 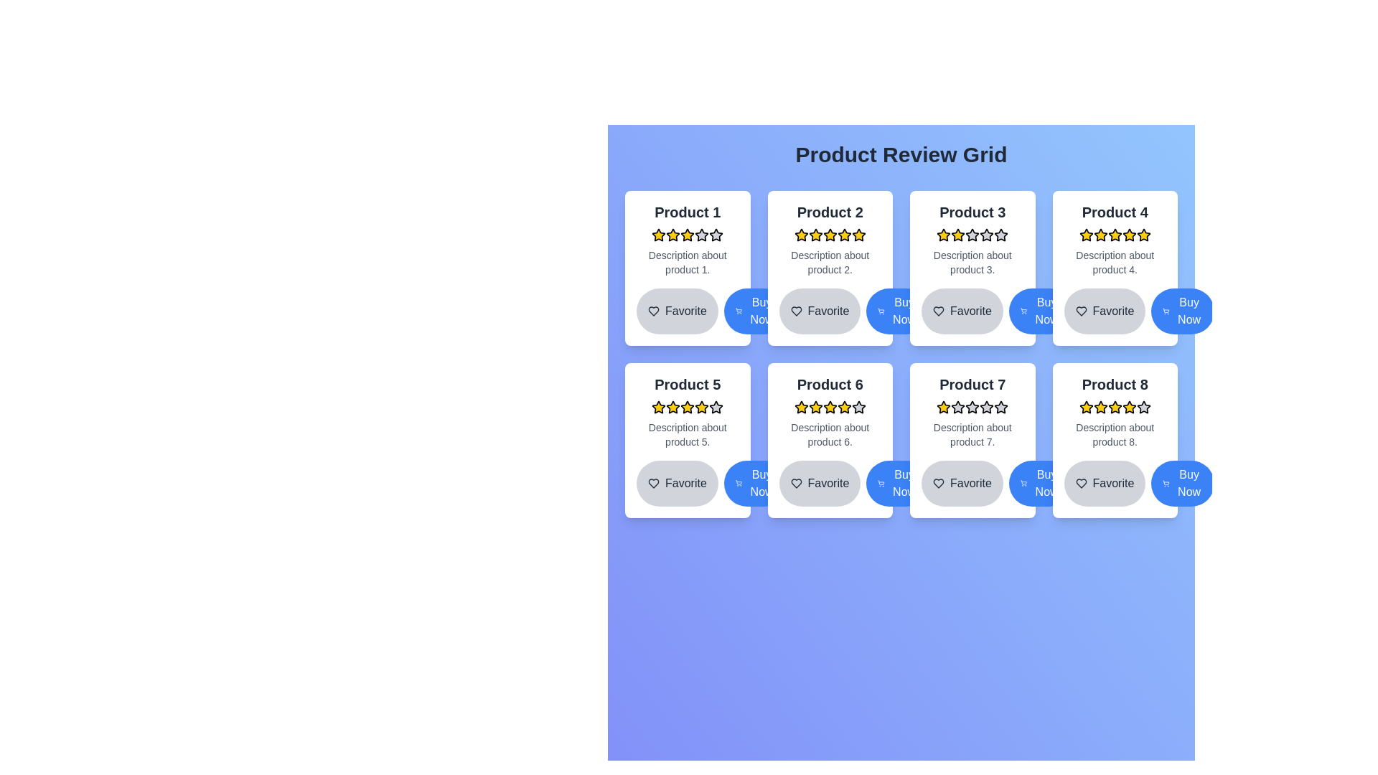 What do you see at coordinates (972, 234) in the screenshot?
I see `the fourth star icon in the 5-star rating system for 'Product 3', which is visually represented in a grayish tone indicating a low rating` at bounding box center [972, 234].